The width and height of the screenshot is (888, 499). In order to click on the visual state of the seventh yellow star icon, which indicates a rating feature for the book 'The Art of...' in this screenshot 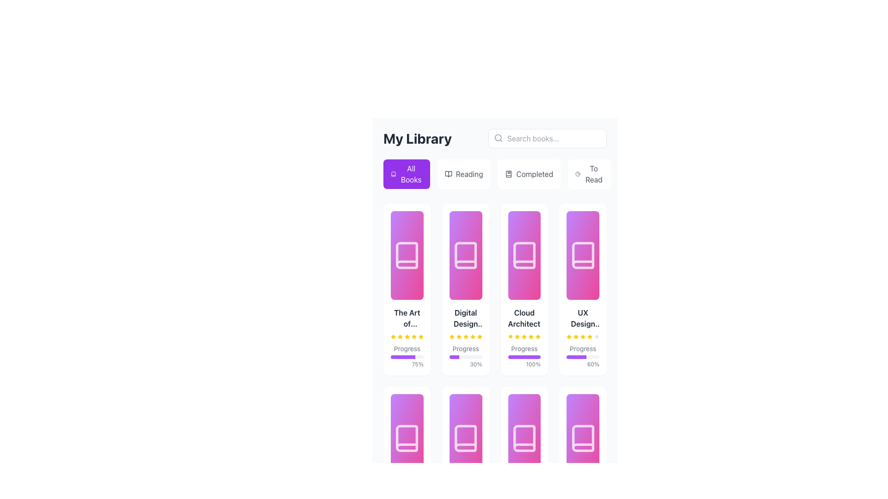, I will do `click(413, 337)`.